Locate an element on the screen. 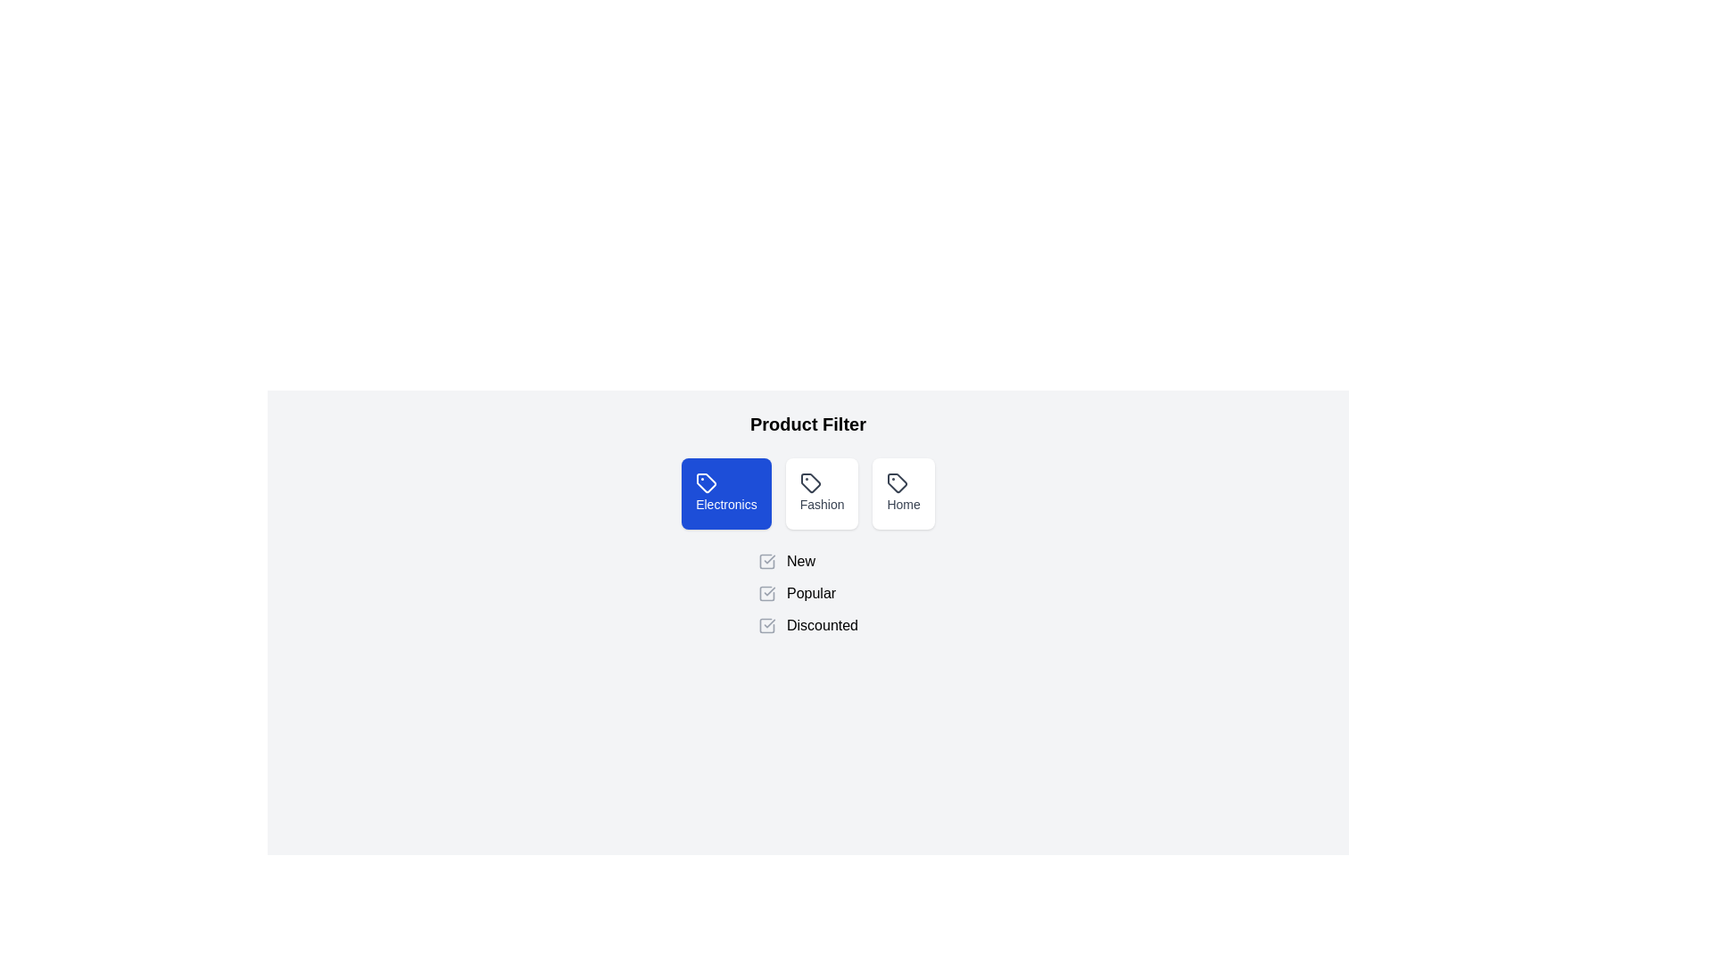 The image size is (1713, 963). the product type Electronics by clicking on its respective button is located at coordinates (726, 494).